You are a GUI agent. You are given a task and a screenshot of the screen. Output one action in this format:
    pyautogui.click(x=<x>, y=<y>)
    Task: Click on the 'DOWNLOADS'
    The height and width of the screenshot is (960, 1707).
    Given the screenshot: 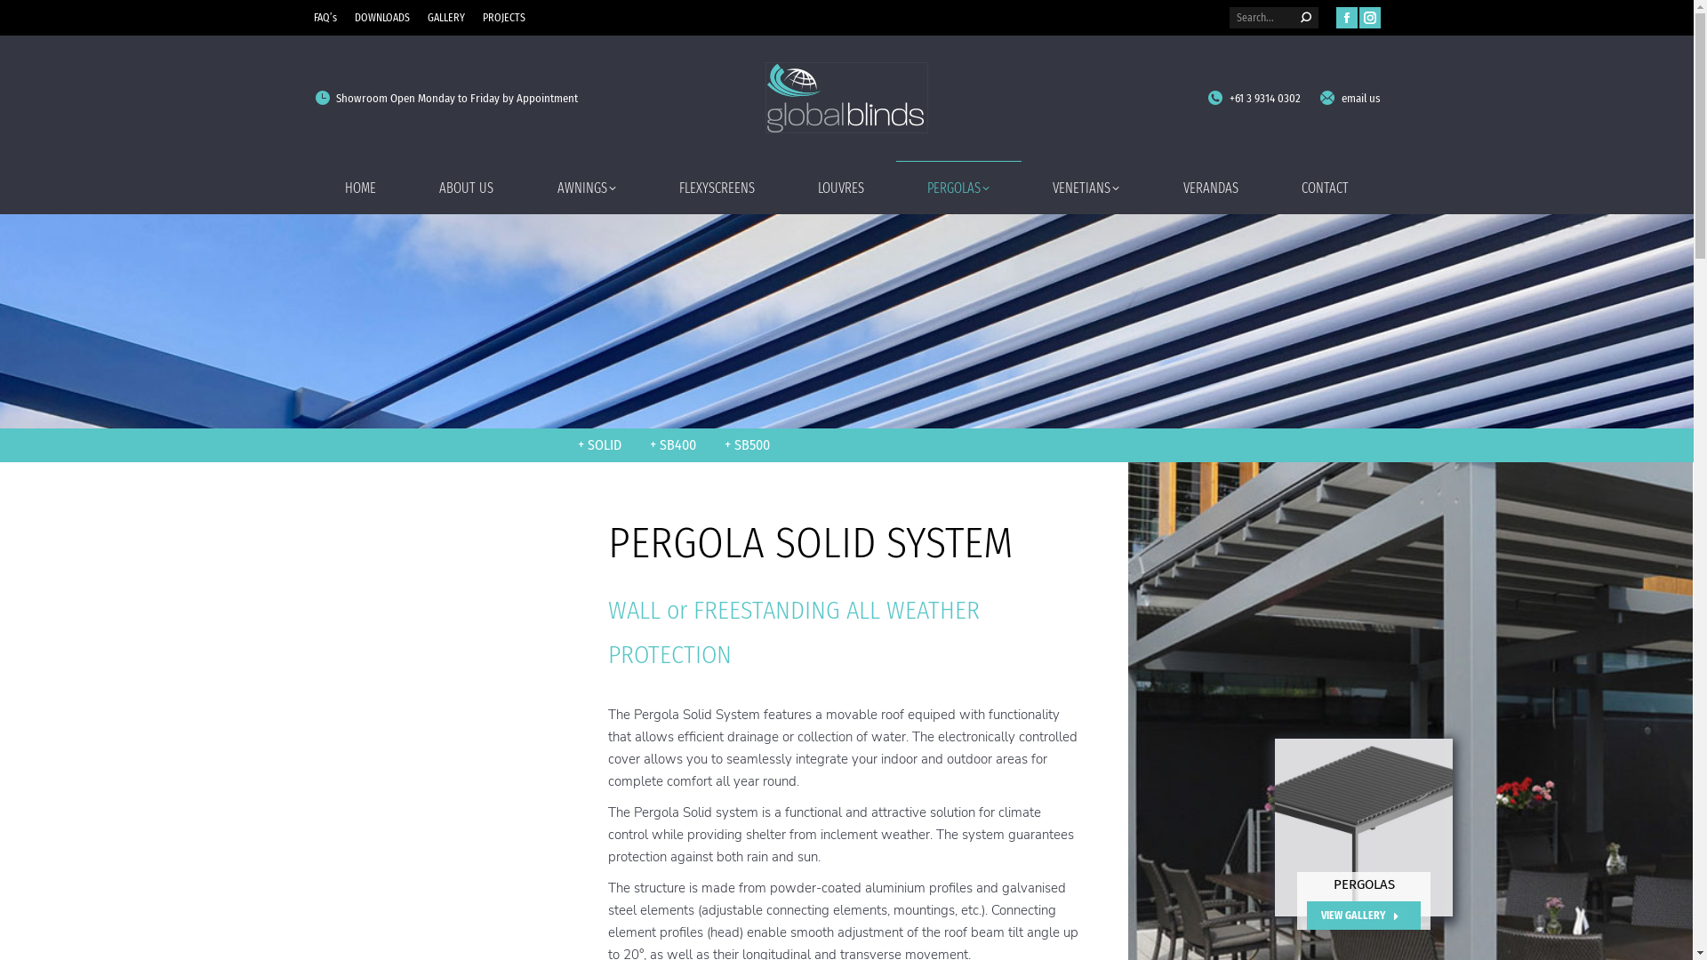 What is the action you would take?
    pyautogui.click(x=380, y=17)
    